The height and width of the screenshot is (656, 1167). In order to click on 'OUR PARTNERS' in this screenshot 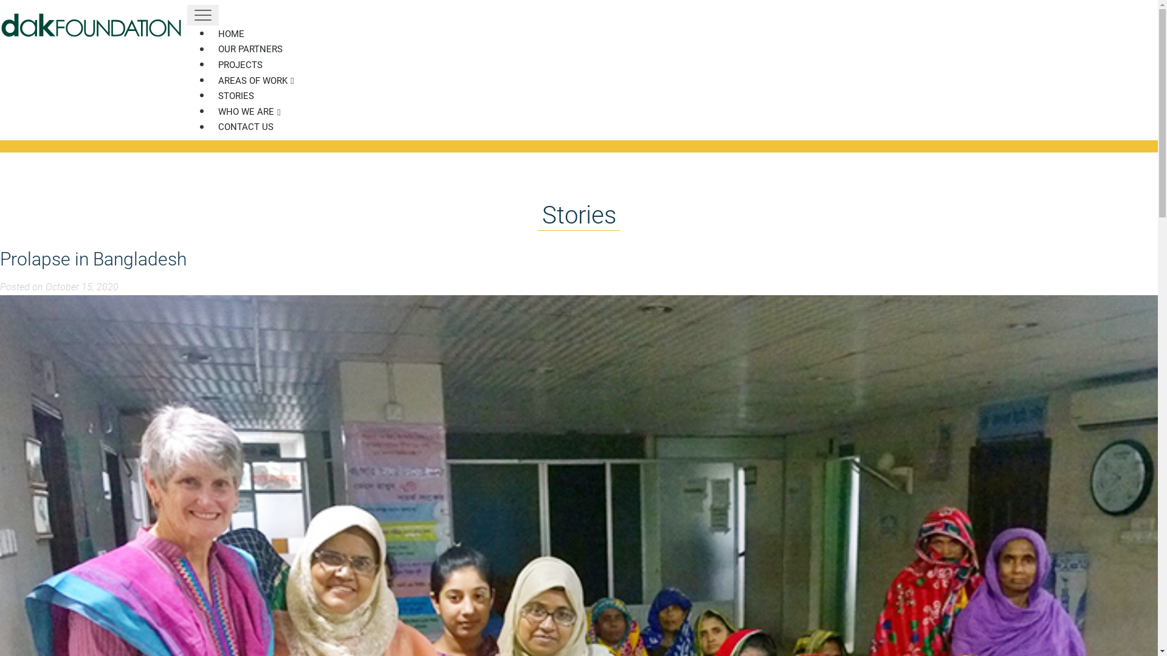, I will do `click(250, 49)`.